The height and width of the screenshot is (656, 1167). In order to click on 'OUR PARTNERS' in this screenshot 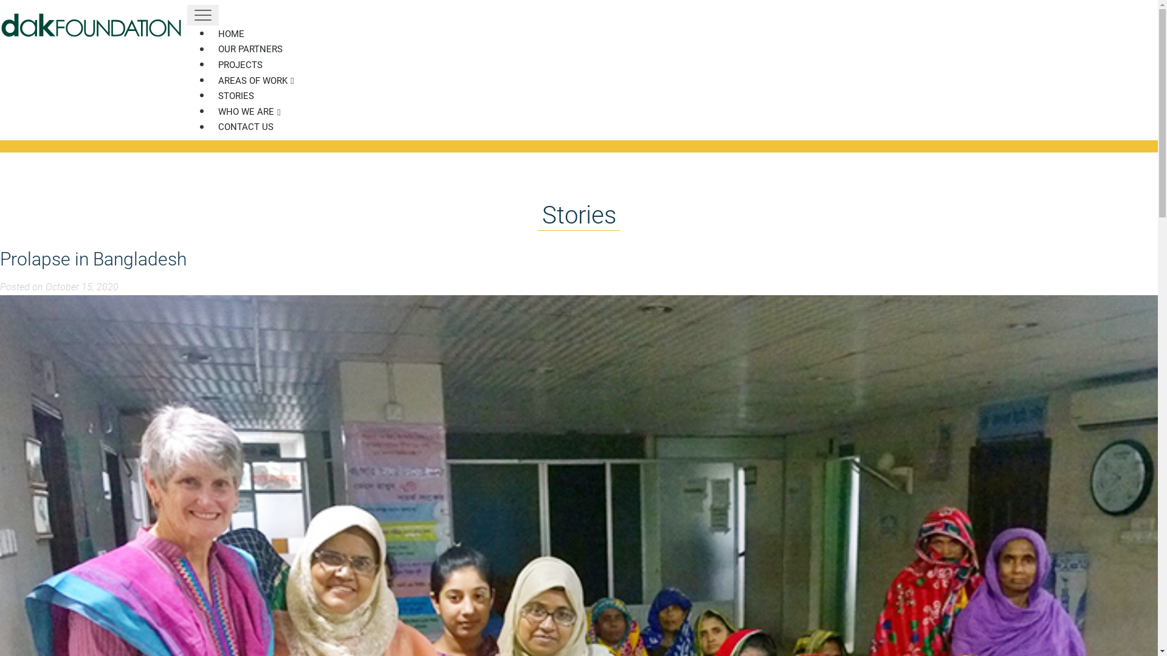, I will do `click(250, 49)`.